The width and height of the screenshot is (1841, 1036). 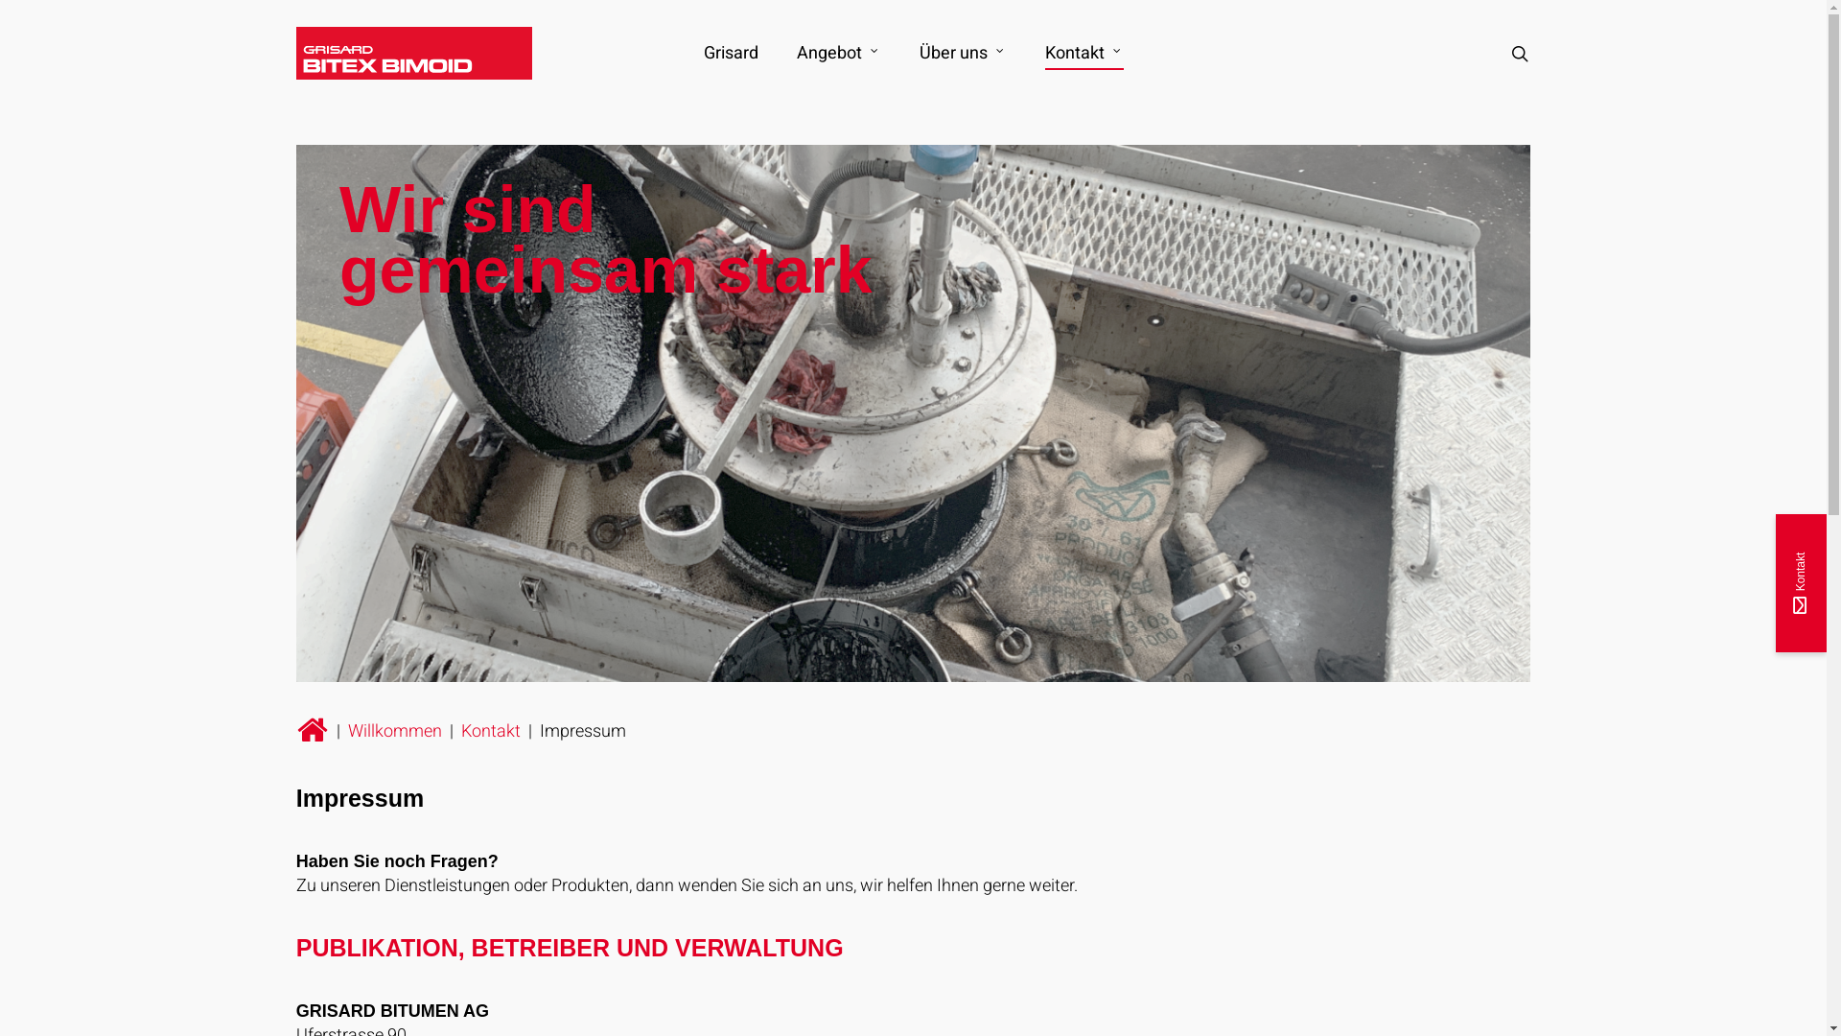 I want to click on 'Grisard', so click(x=730, y=51).